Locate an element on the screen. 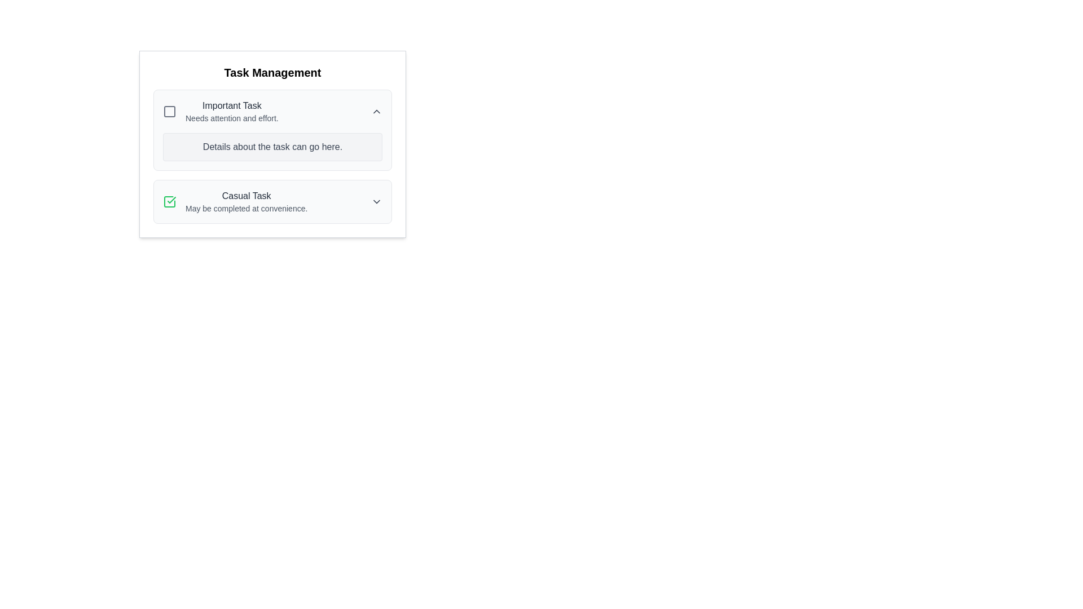 The image size is (1083, 609). the dropdown arrow icon of the 'Casual Task' descriptor within the 'Task Management' card is located at coordinates (272, 201).